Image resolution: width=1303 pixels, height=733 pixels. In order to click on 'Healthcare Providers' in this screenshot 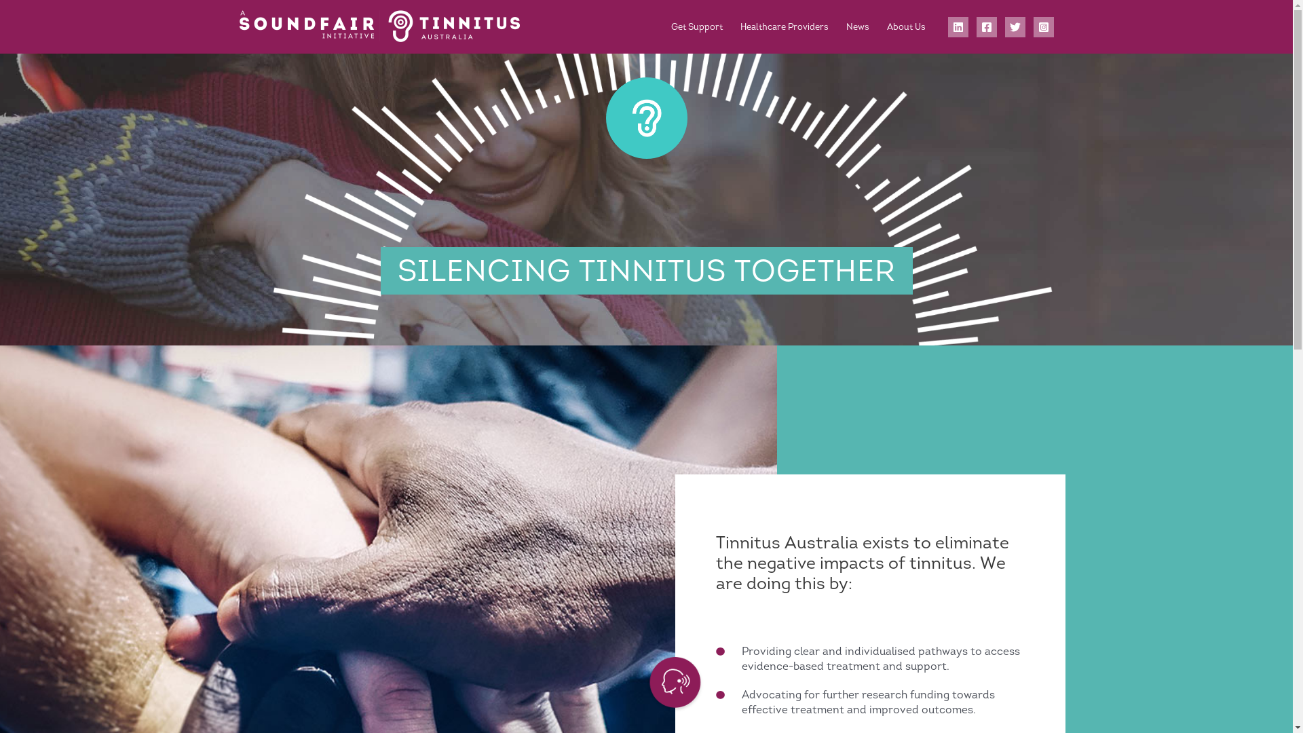, I will do `click(785, 26)`.